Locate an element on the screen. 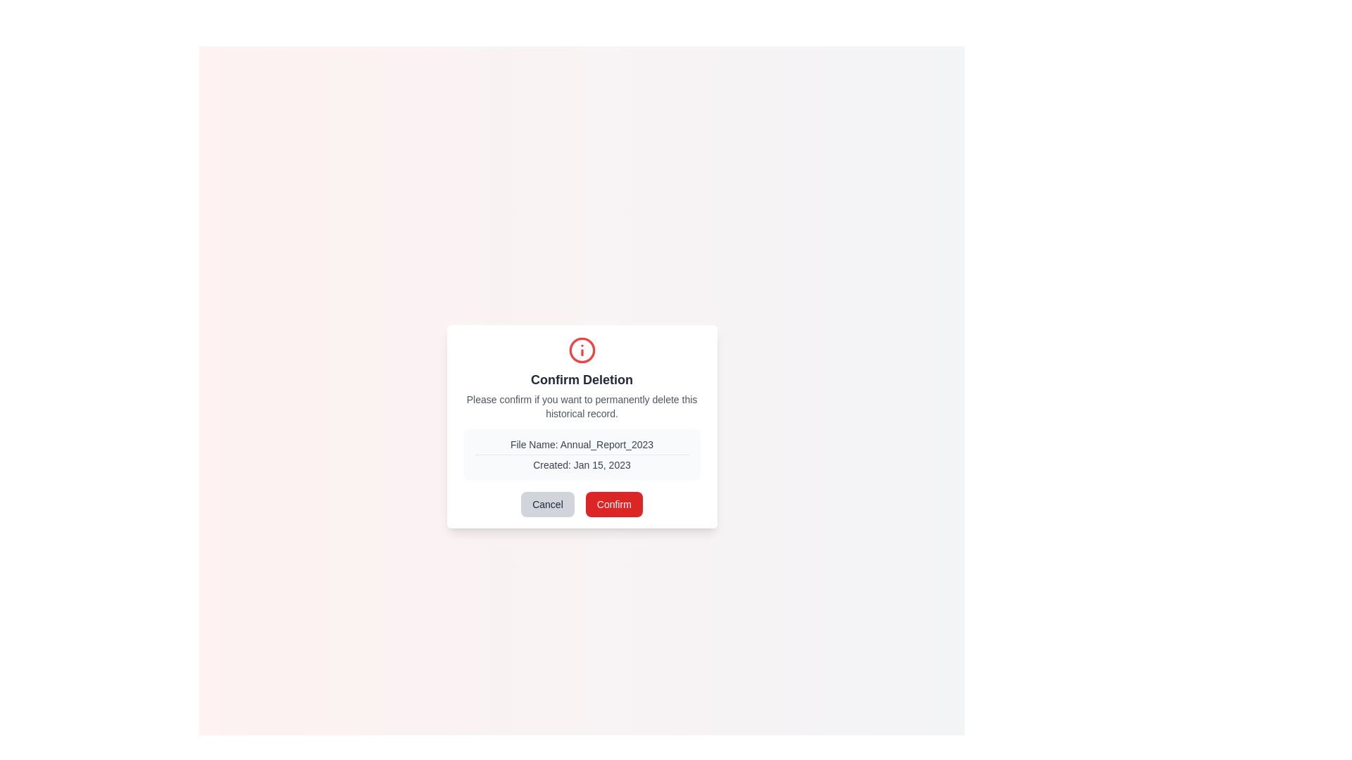  the text element that reads 'Please confirm if you want to permanently delete this historical record.' located below the title 'Confirm Deletion' in the deletion confirmation dialog is located at coordinates (582, 406).